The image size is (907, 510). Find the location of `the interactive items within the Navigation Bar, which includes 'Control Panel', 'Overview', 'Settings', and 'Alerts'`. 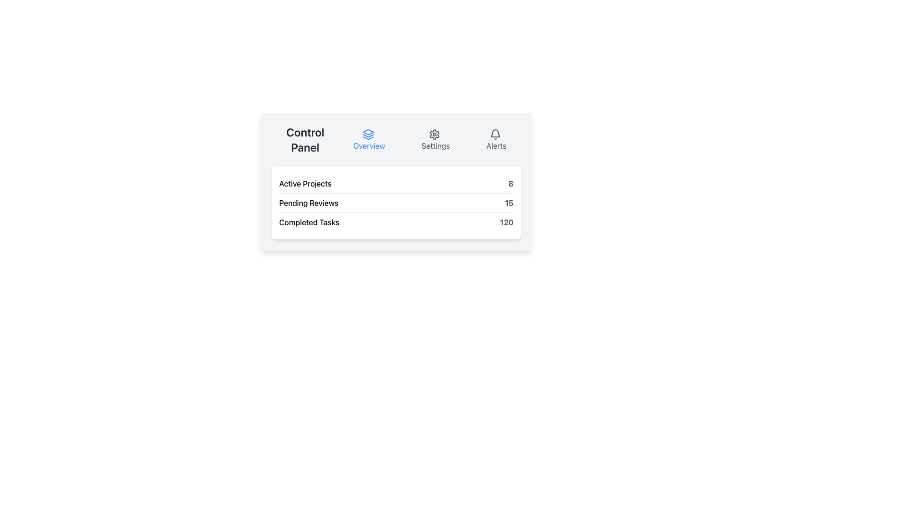

the interactive items within the Navigation Bar, which includes 'Control Panel', 'Overview', 'Settings', and 'Alerts' is located at coordinates (396, 139).